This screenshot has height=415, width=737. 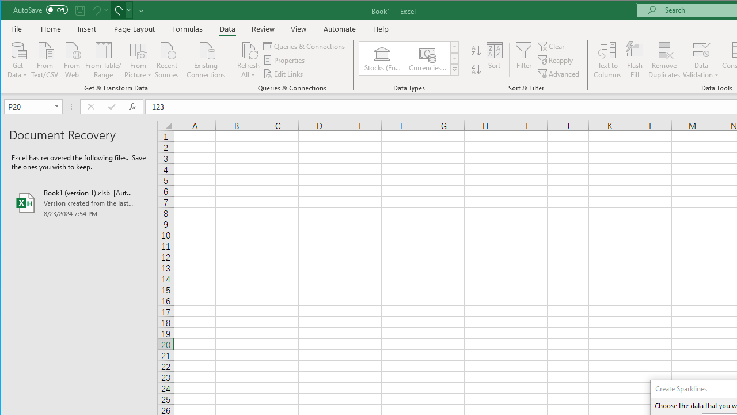 I want to click on 'Flash Fill', so click(x=634, y=60).